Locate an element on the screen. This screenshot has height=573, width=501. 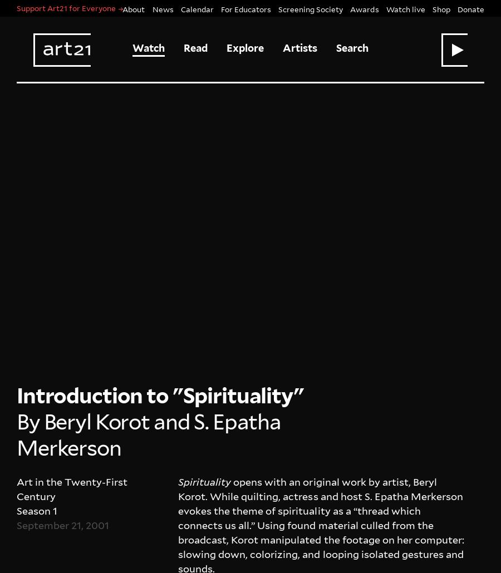
'About' is located at coordinates (16, 496).